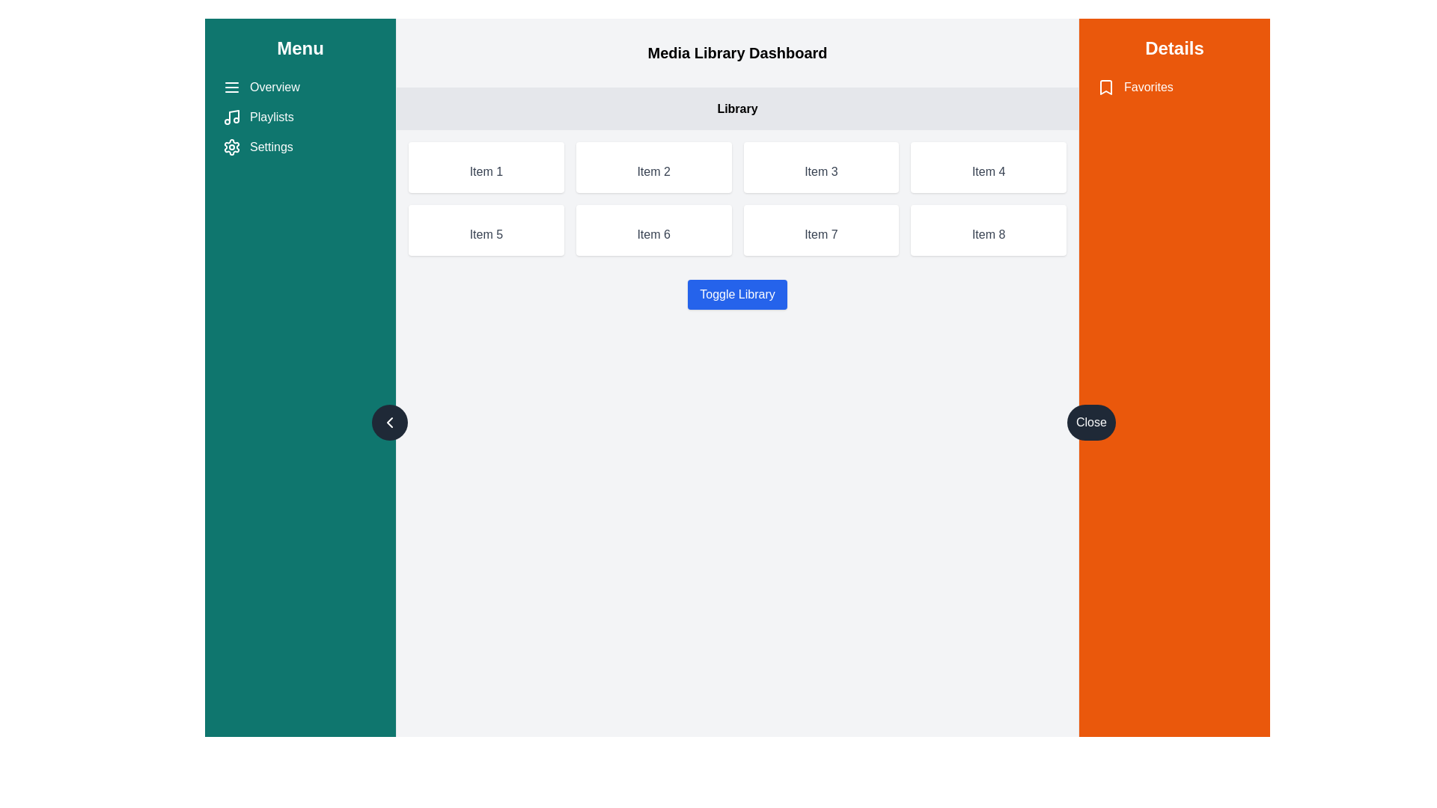  I want to click on the bold 'Details' text label located at the top of the orange sidebar on the right side of the interface, so click(1174, 48).